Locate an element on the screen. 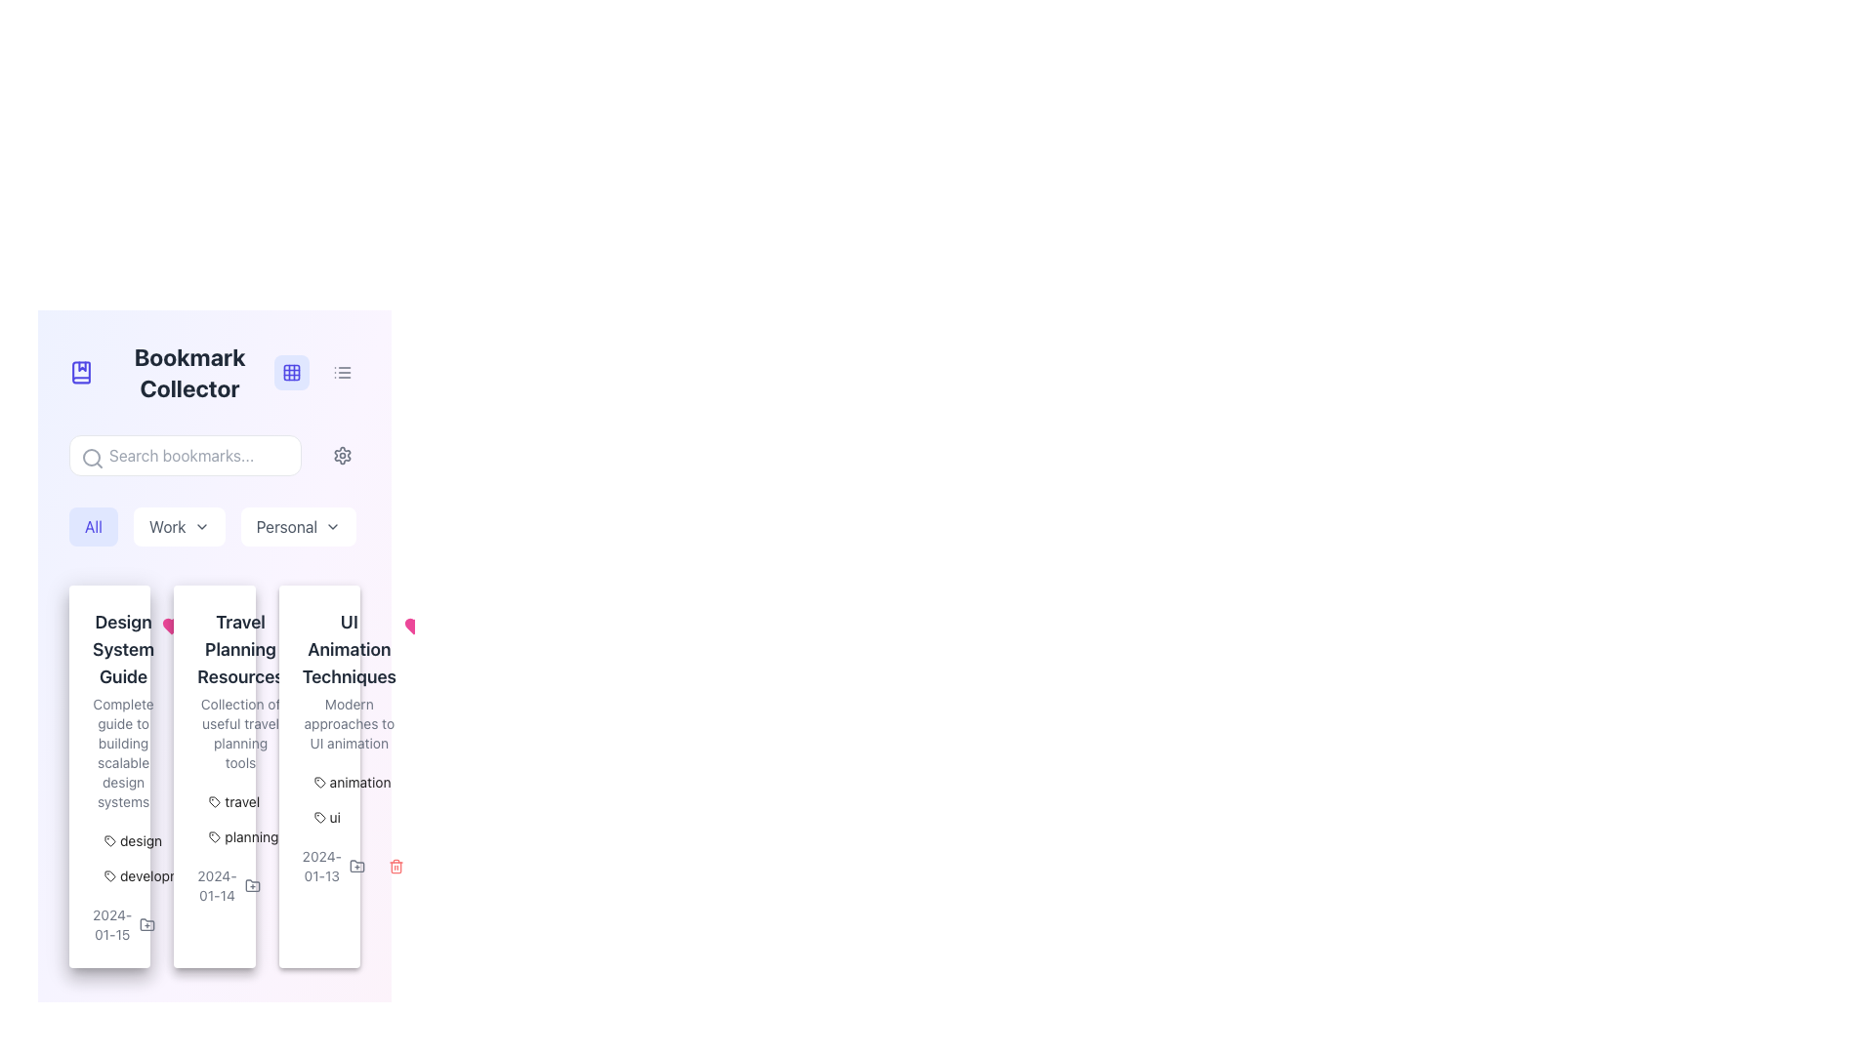 This screenshot has width=1875, height=1054. the card titled 'UI Animation Techniques' which is the third card in a horizontally scrollable list, featuring a bold top line and a lighter bottom line is located at coordinates (349, 680).